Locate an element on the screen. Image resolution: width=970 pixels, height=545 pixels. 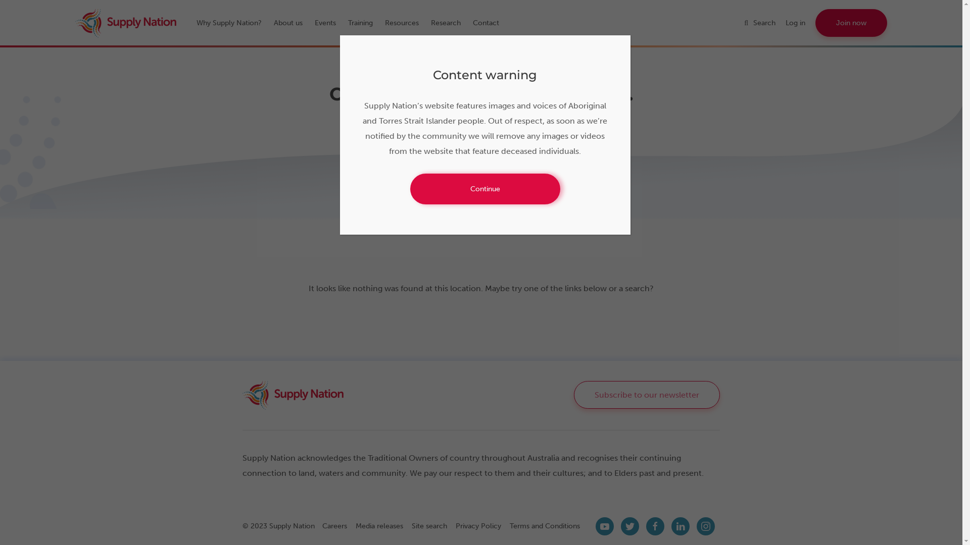
'Supply Nation on Twitter' is located at coordinates (629, 525).